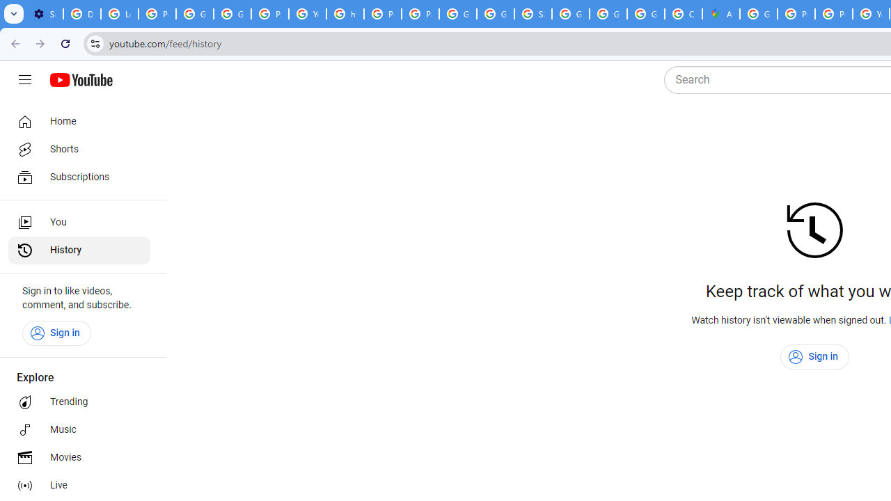 This screenshot has width=891, height=501. I want to click on 'YouTube', so click(306, 14).